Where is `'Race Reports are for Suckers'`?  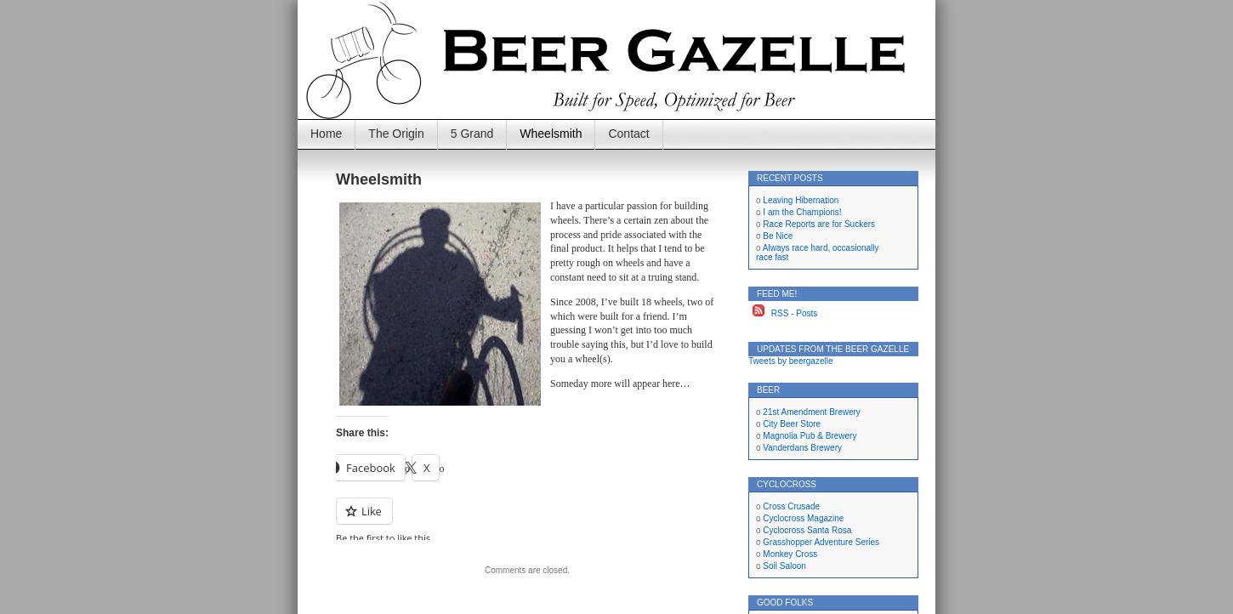 'Race Reports are for Suckers' is located at coordinates (817, 224).